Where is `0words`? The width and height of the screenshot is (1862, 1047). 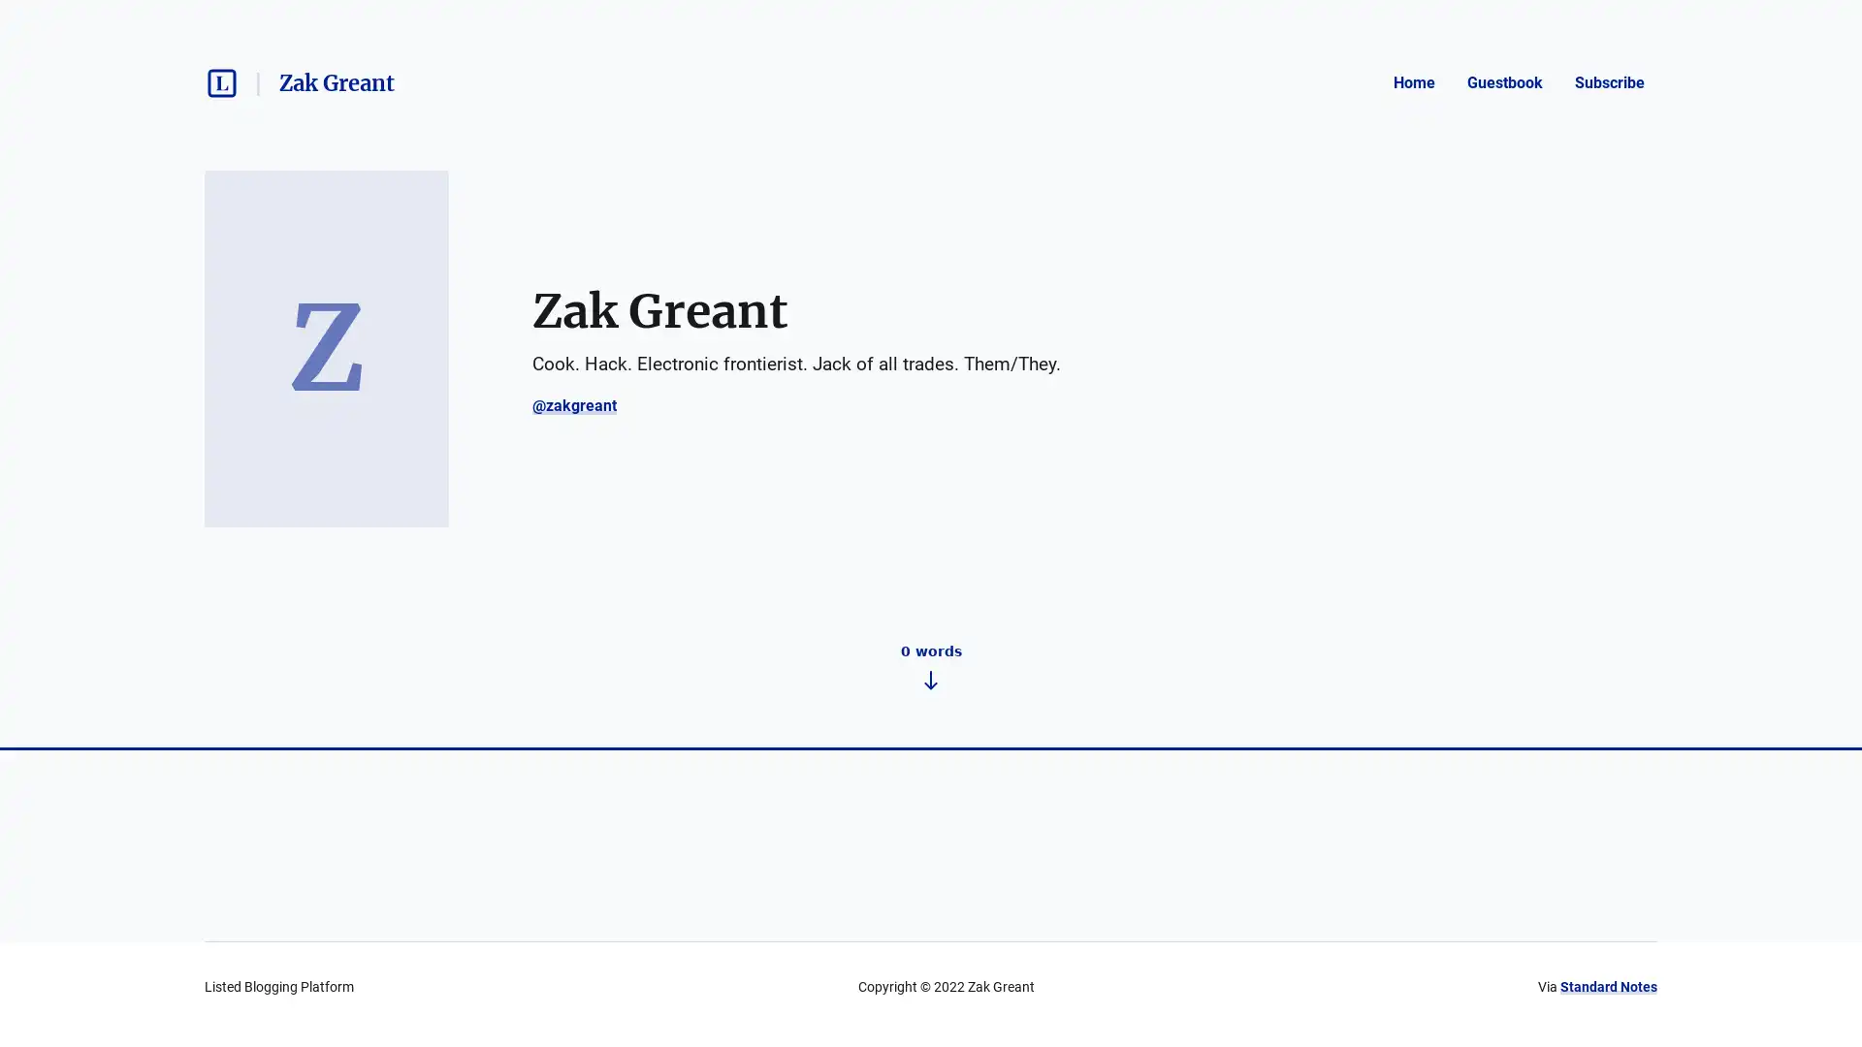 0words is located at coordinates (931, 965).